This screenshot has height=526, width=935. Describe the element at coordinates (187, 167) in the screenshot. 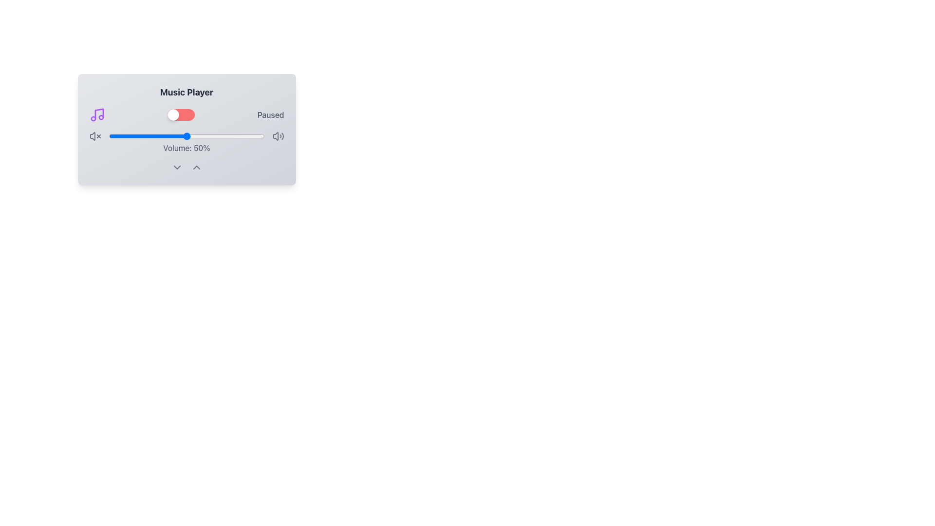

I see `the up chevron-shaped button in the vertical navigation control located at the bottom of the 'Music Player' interface to scroll up` at that location.